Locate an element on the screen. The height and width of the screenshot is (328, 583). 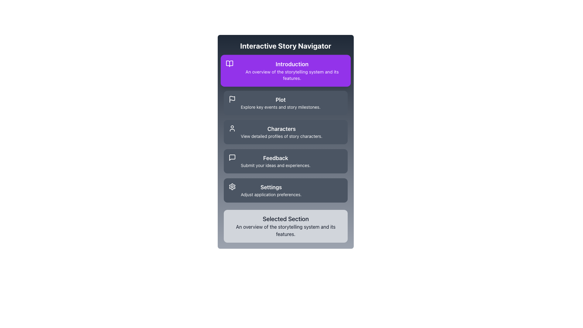
the clickable navigation item located in the second row of the vertically stacked navigation menu, which is positioned below the 'Introduction' section and above the 'Characters' section is located at coordinates (280, 103).